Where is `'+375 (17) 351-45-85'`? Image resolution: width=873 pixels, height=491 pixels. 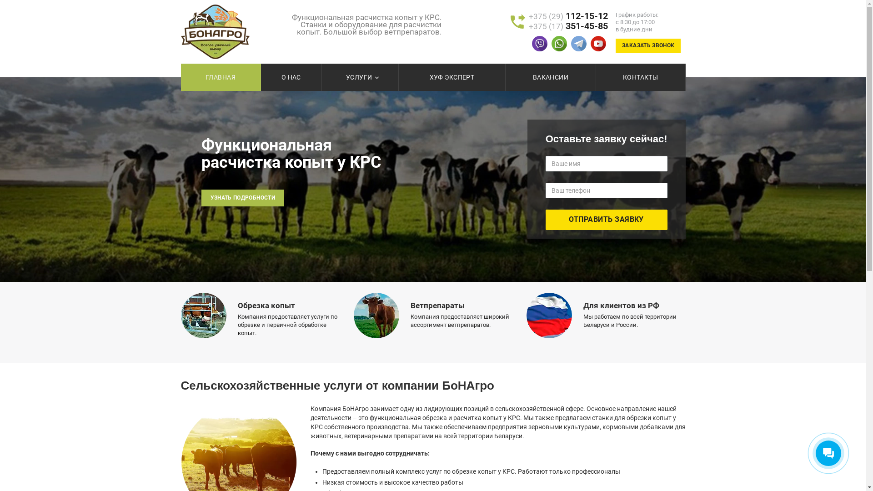
'+375 (17) 351-45-85' is located at coordinates (567, 25).